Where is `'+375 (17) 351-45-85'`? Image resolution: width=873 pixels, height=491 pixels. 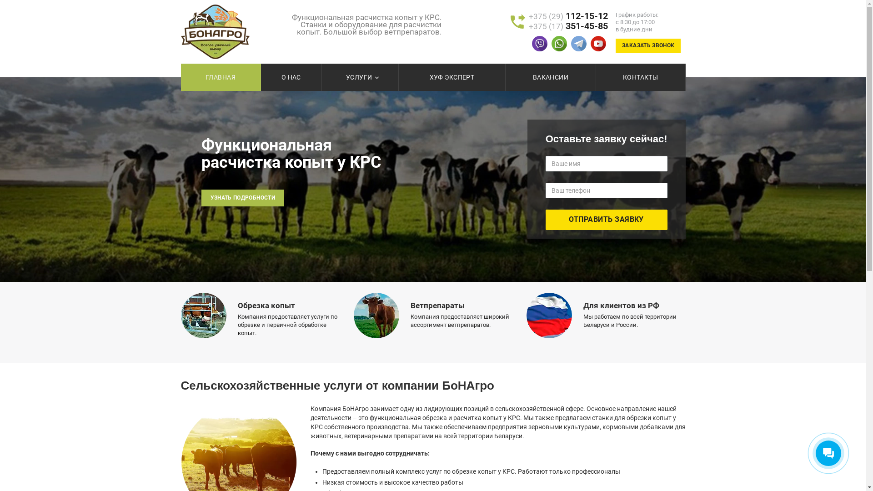
'+375 (17) 351-45-85' is located at coordinates (567, 25).